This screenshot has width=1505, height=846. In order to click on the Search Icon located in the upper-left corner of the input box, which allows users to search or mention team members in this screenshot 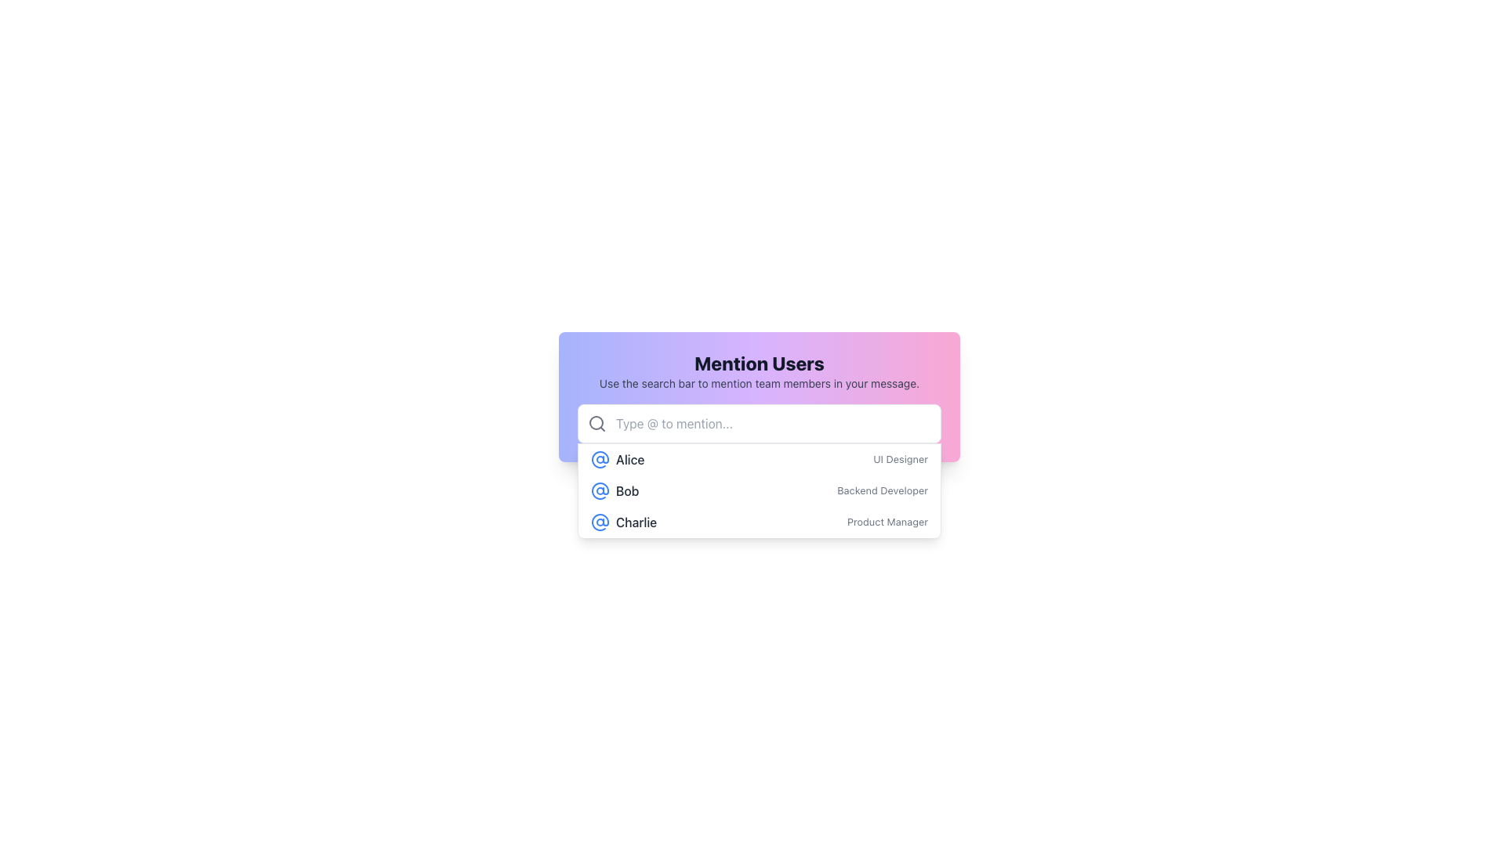, I will do `click(597, 423)`.